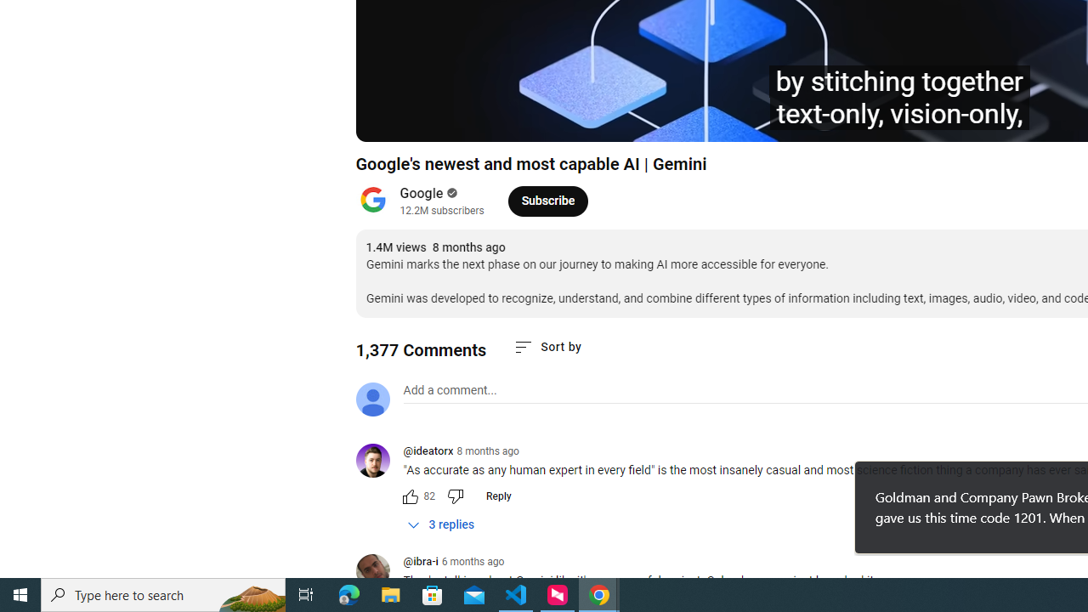 The image size is (1088, 612). Describe the element at coordinates (547, 346) in the screenshot. I see `'Sort comments'` at that location.